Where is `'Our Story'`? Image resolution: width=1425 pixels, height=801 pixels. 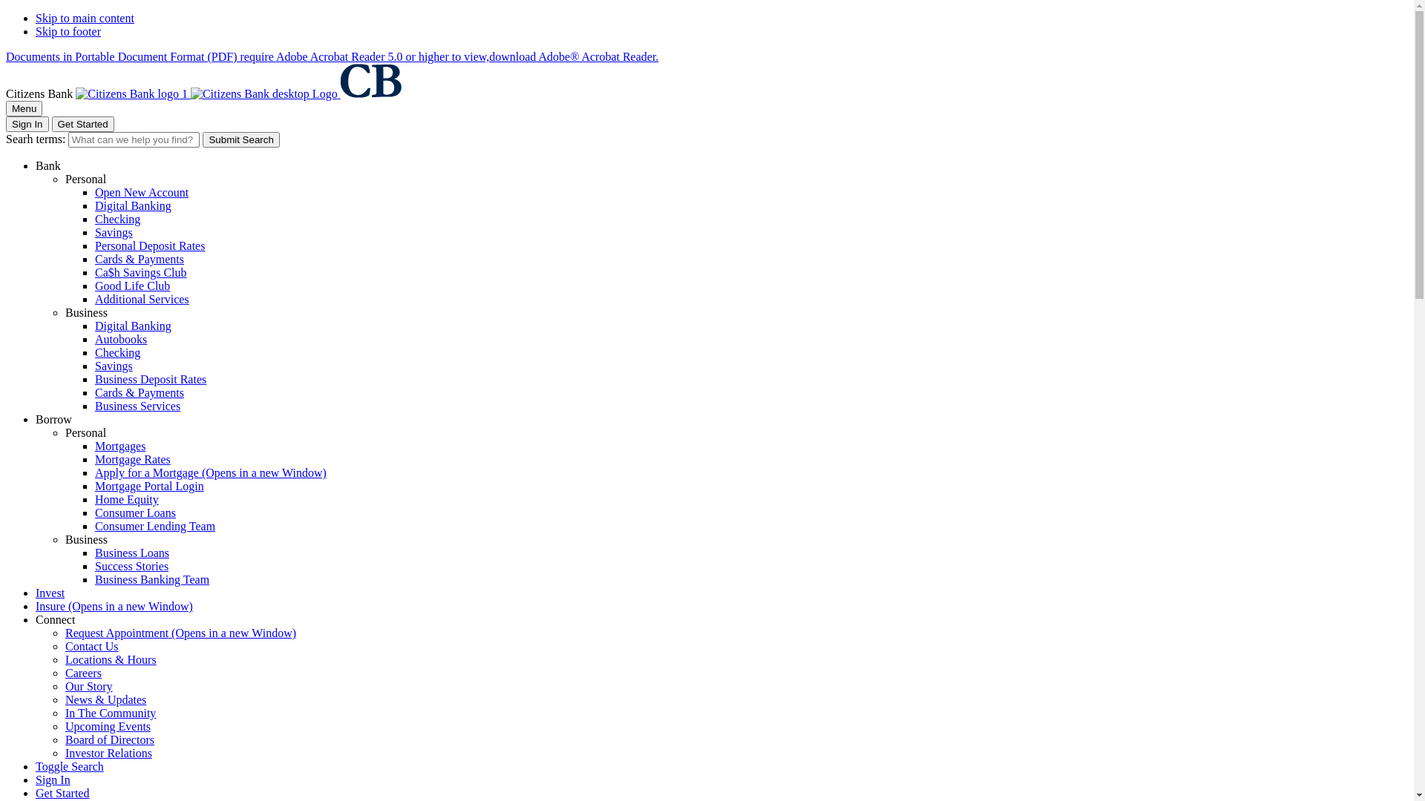
'Our Story' is located at coordinates (88, 686).